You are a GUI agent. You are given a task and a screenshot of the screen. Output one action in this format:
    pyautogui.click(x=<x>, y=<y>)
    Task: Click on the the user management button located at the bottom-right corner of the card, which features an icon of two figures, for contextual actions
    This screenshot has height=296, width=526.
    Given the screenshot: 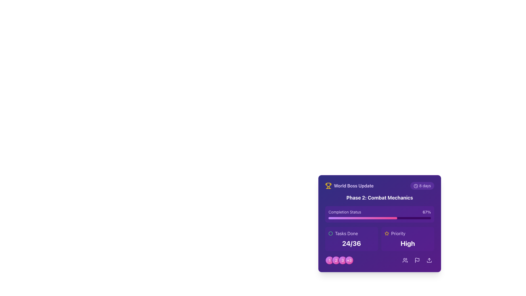 What is the action you would take?
    pyautogui.click(x=405, y=260)
    